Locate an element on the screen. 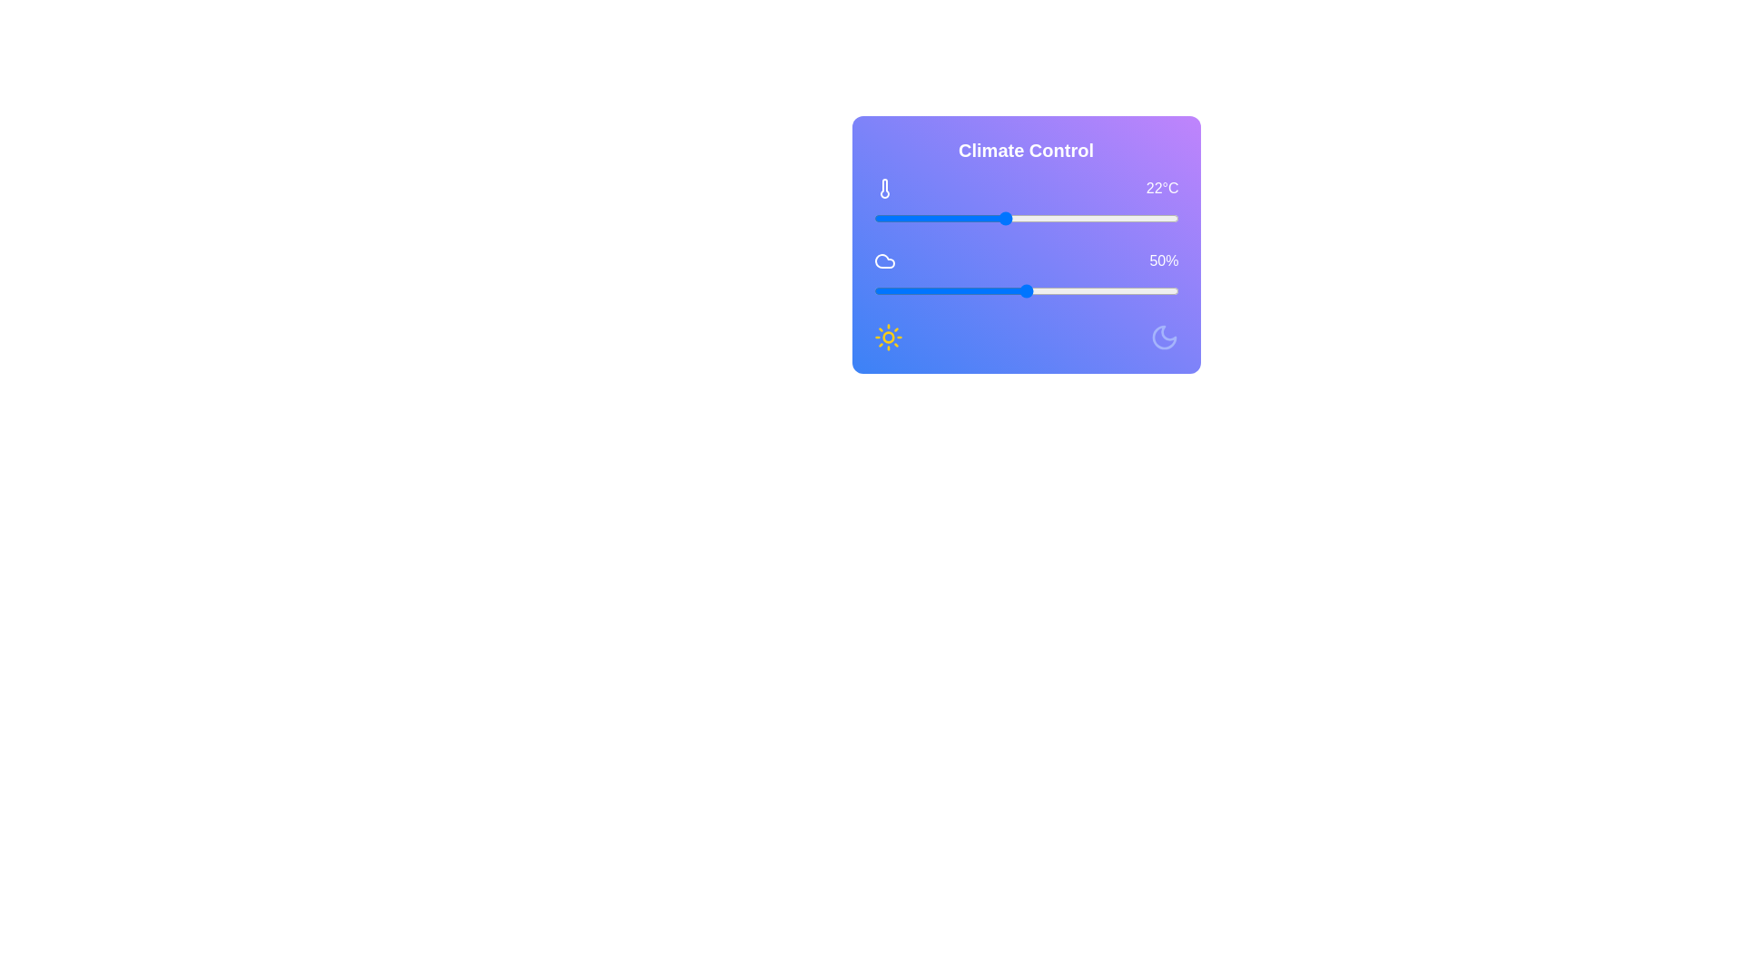 This screenshot has width=1743, height=980. the slider is located at coordinates (919, 289).